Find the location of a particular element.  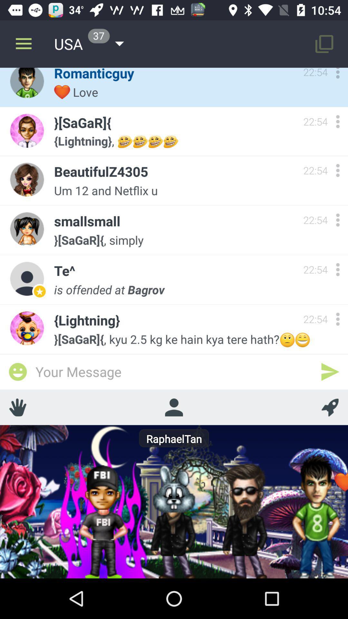

expand chat is located at coordinates (337, 122).